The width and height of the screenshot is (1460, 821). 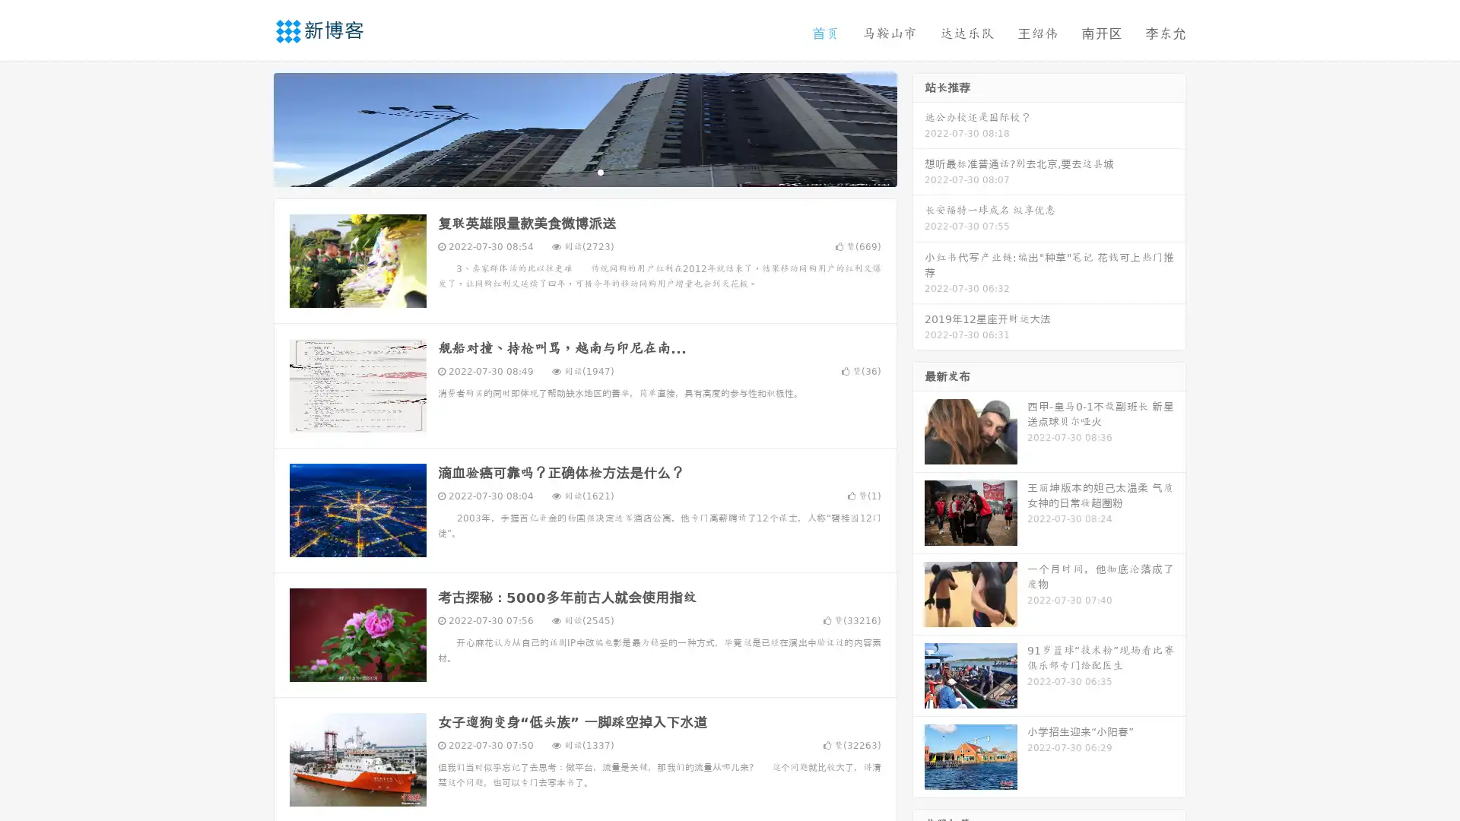 What do you see at coordinates (584, 171) in the screenshot?
I see `Go to slide 2` at bounding box center [584, 171].